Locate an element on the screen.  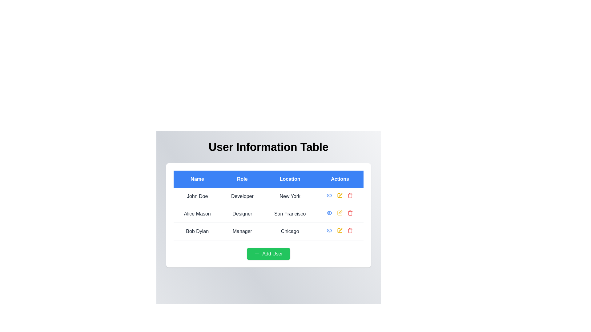
the green button labeled 'Add User' to trigger its hover effect, which changes the button's color to a darker green is located at coordinates (268, 254).